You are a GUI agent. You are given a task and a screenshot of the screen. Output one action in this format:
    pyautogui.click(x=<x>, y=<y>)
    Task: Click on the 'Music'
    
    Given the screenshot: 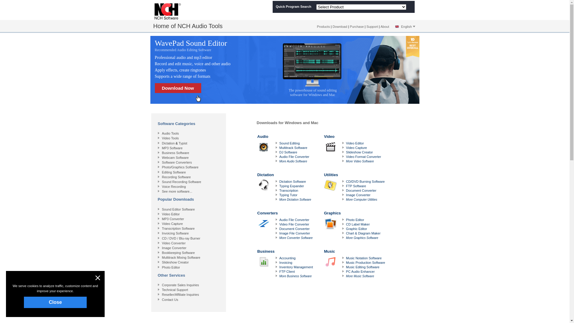 What is the action you would take?
    pyautogui.click(x=355, y=263)
    